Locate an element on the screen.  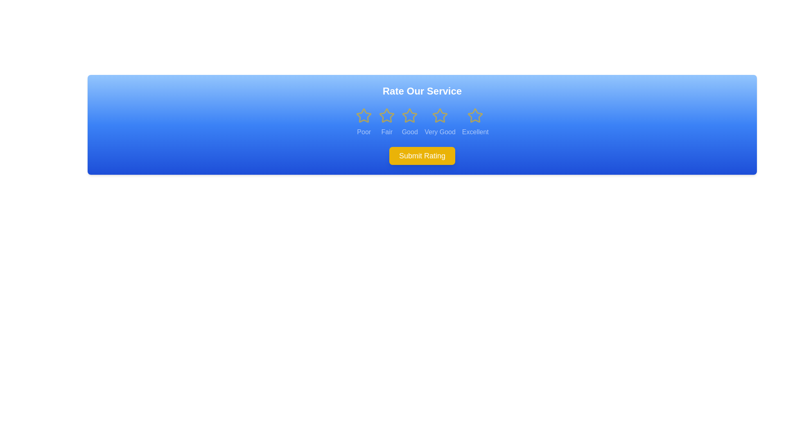
the 'Excellent' text label which indicates the meaning of the last star in the rating scale, located under the fifth rating option is located at coordinates (475, 132).